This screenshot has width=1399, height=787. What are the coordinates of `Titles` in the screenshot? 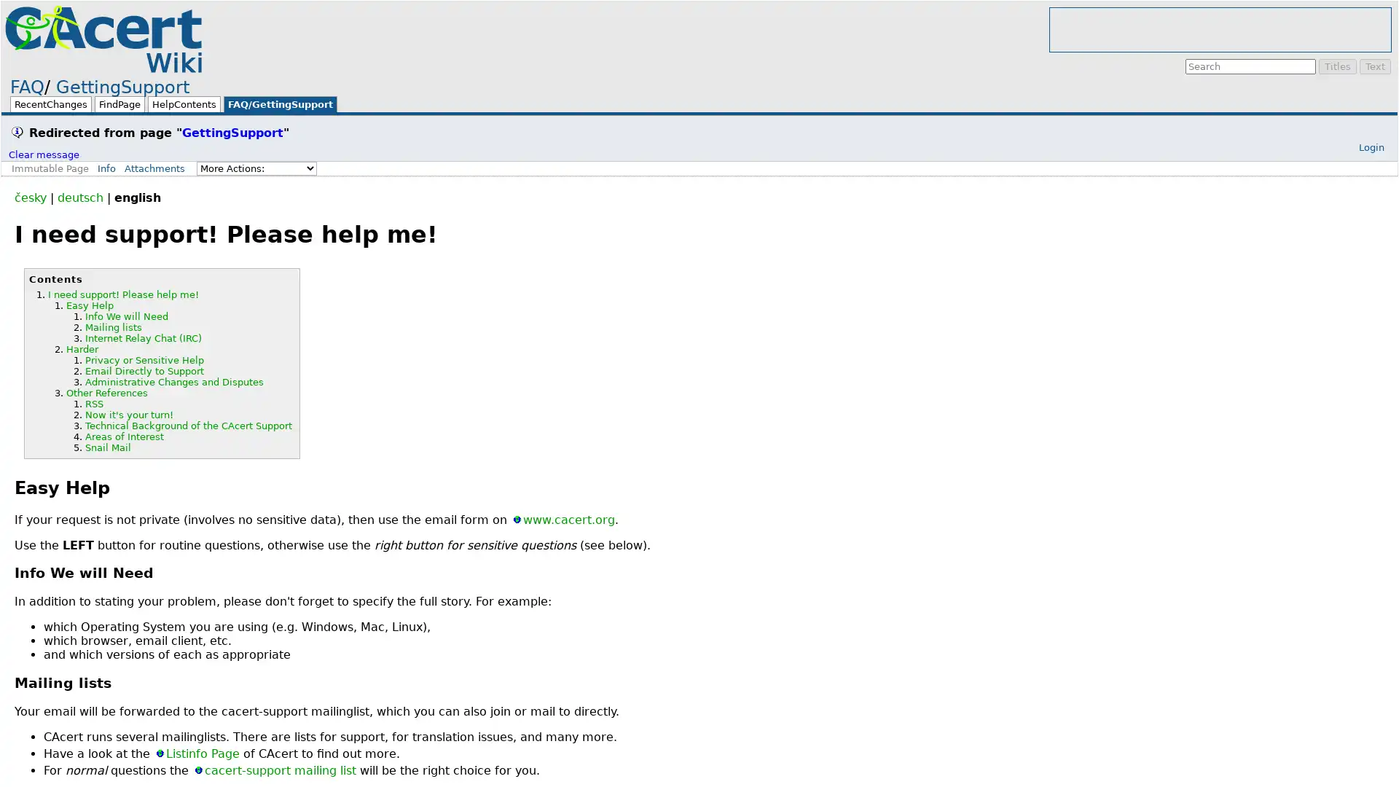 It's located at (1338, 66).